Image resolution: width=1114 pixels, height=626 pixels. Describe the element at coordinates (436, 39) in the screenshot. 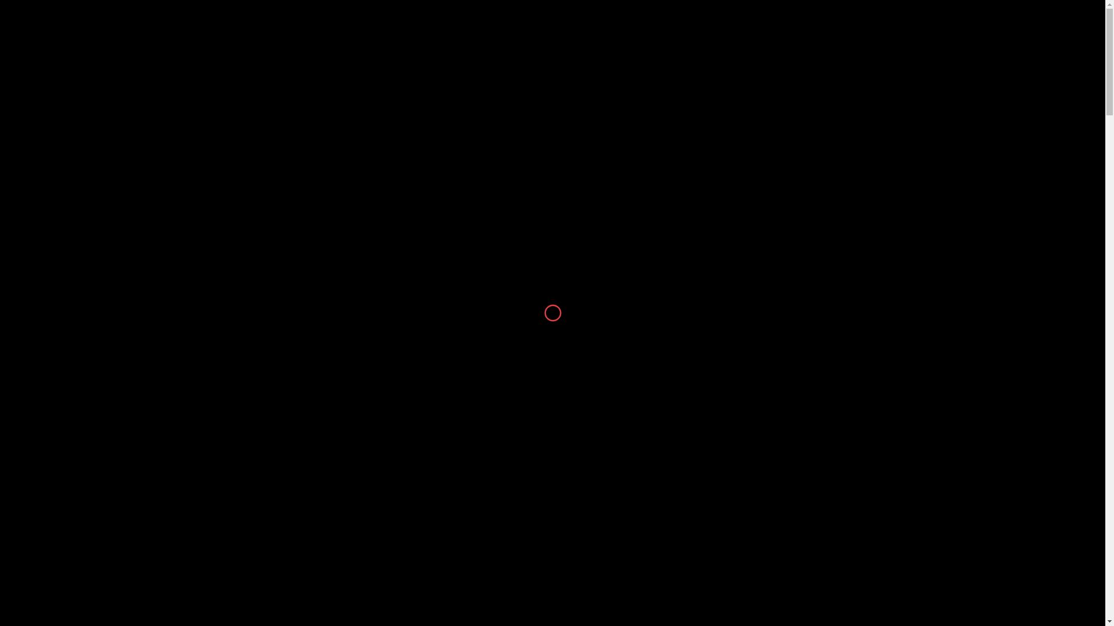

I see `'ACCESSORIES'` at that location.